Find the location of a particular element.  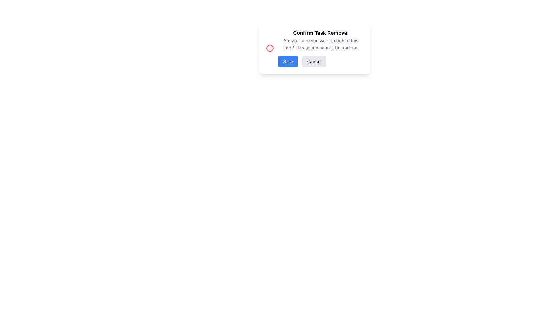

the 'Cancel' button, which is the second button in a horizontal row at the bottom center of the modal dialog box is located at coordinates (314, 61).